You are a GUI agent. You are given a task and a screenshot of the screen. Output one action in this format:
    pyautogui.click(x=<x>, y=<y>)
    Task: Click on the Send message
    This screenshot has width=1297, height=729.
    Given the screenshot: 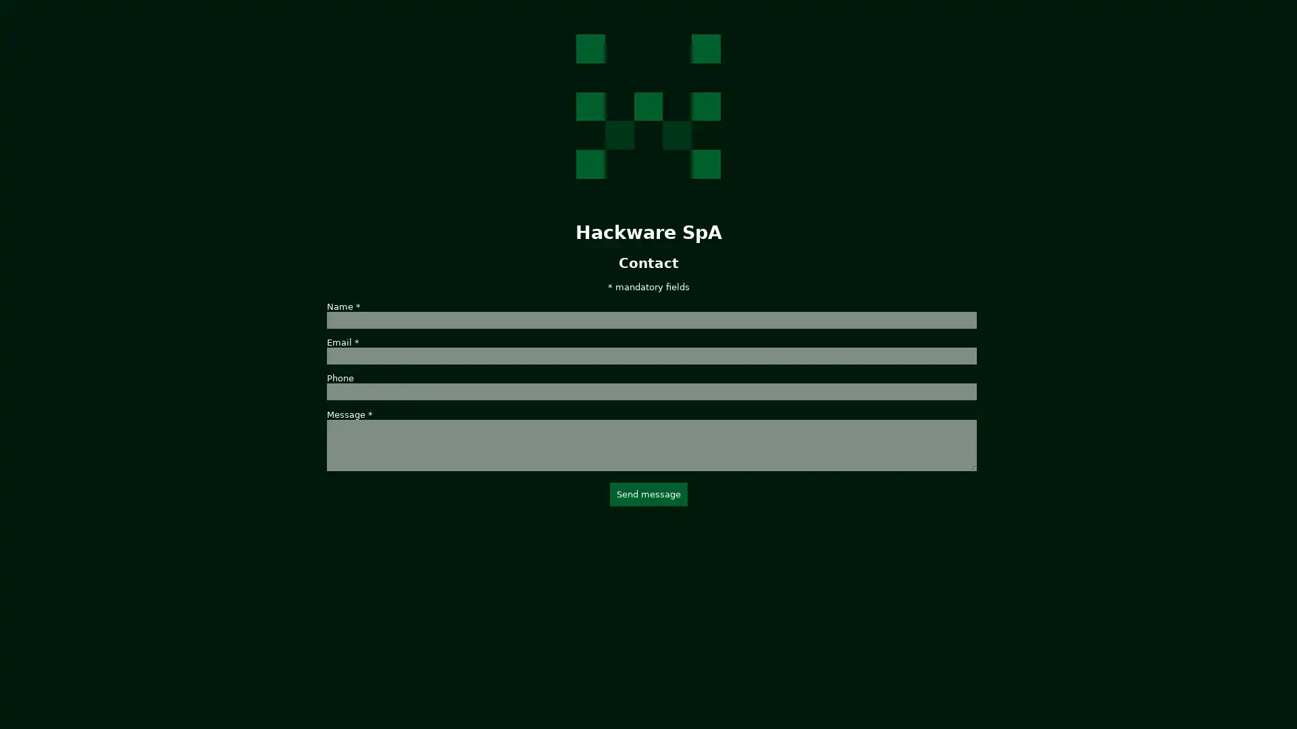 What is the action you would take?
    pyautogui.click(x=647, y=493)
    